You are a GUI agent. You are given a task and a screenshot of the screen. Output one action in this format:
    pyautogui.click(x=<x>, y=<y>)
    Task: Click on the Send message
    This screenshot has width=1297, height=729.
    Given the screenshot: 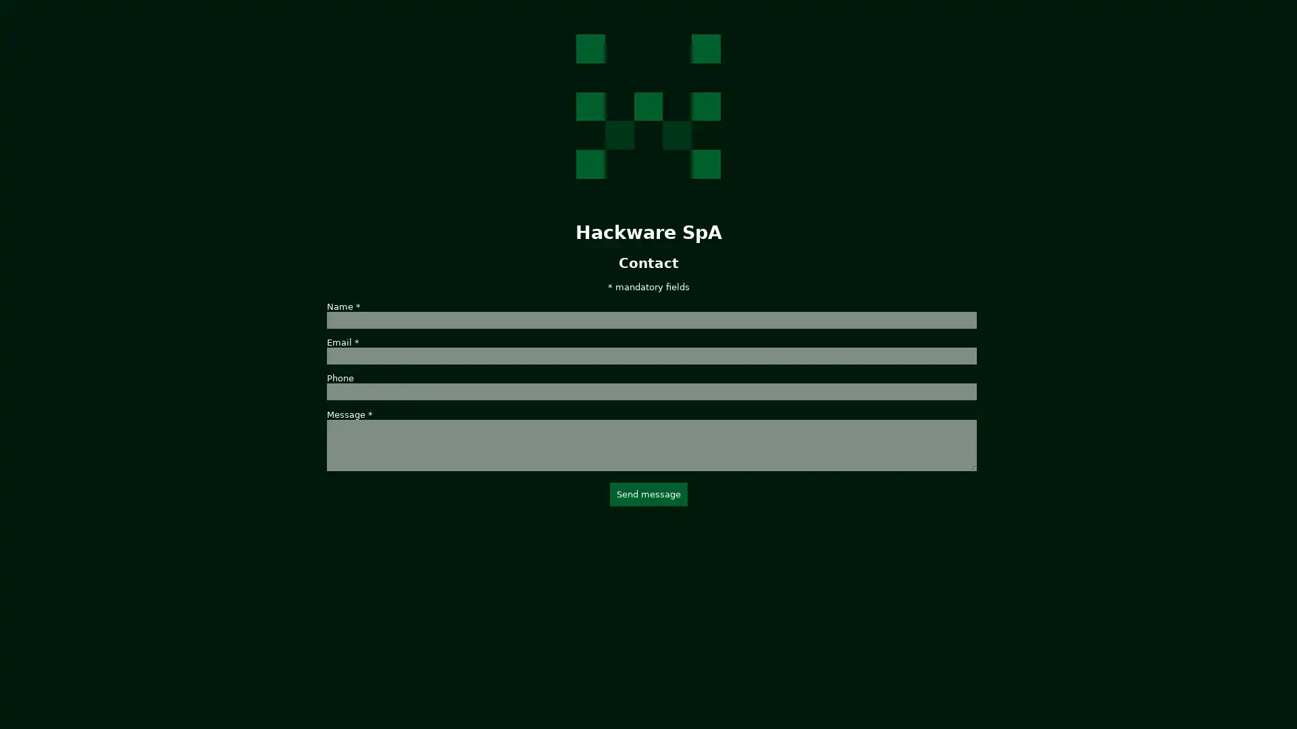 What is the action you would take?
    pyautogui.click(x=647, y=493)
    